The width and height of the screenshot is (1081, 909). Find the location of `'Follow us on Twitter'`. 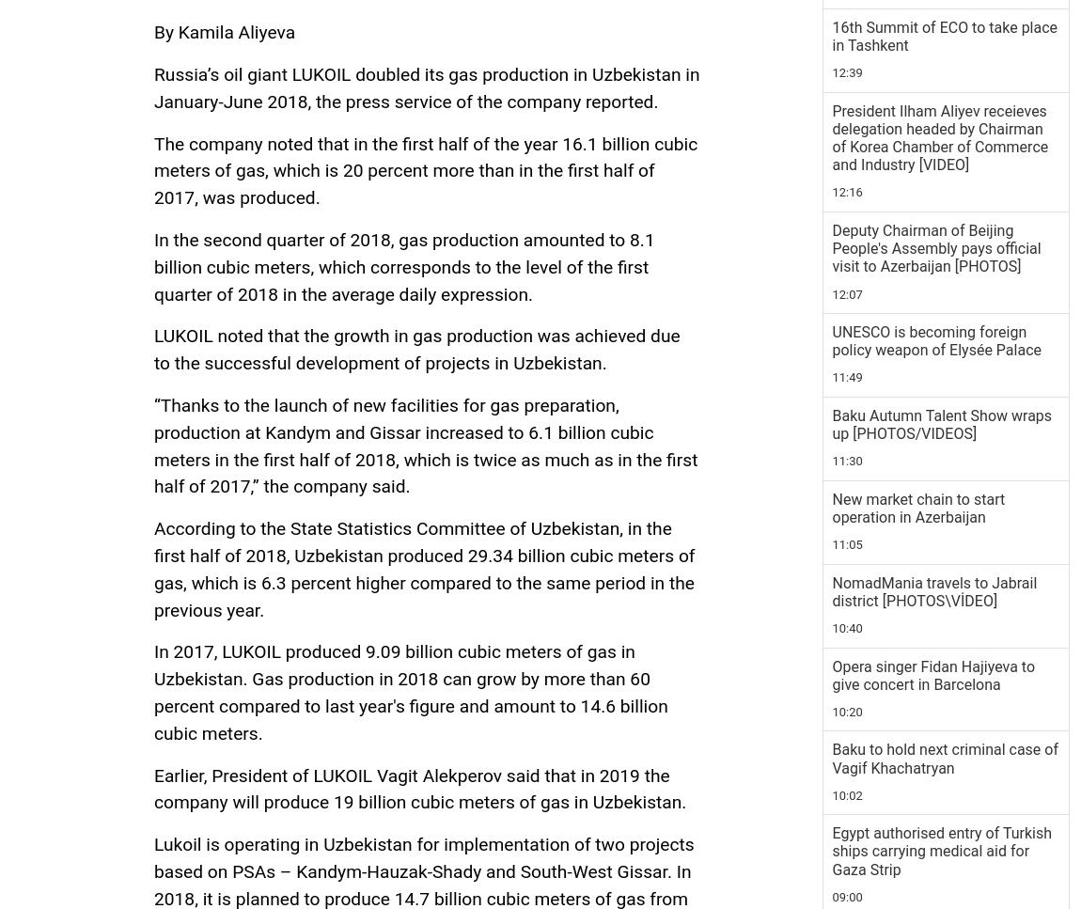

'Follow us on Twitter' is located at coordinates (235, 400).